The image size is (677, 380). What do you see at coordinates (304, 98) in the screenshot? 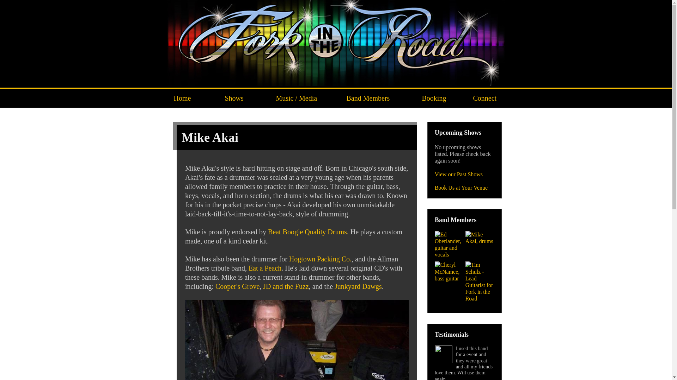
I see `'Music / Media'` at bounding box center [304, 98].